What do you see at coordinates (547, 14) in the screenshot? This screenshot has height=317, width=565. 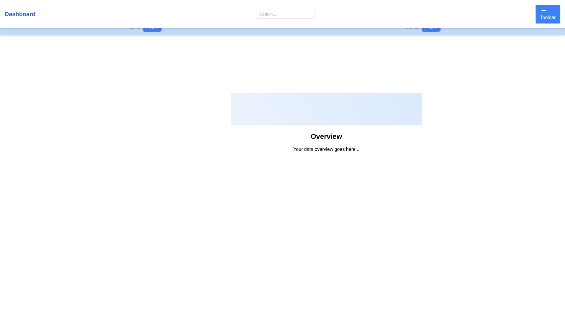 I see `the button located at the rightmost part of the horizontal toolbar` at bounding box center [547, 14].